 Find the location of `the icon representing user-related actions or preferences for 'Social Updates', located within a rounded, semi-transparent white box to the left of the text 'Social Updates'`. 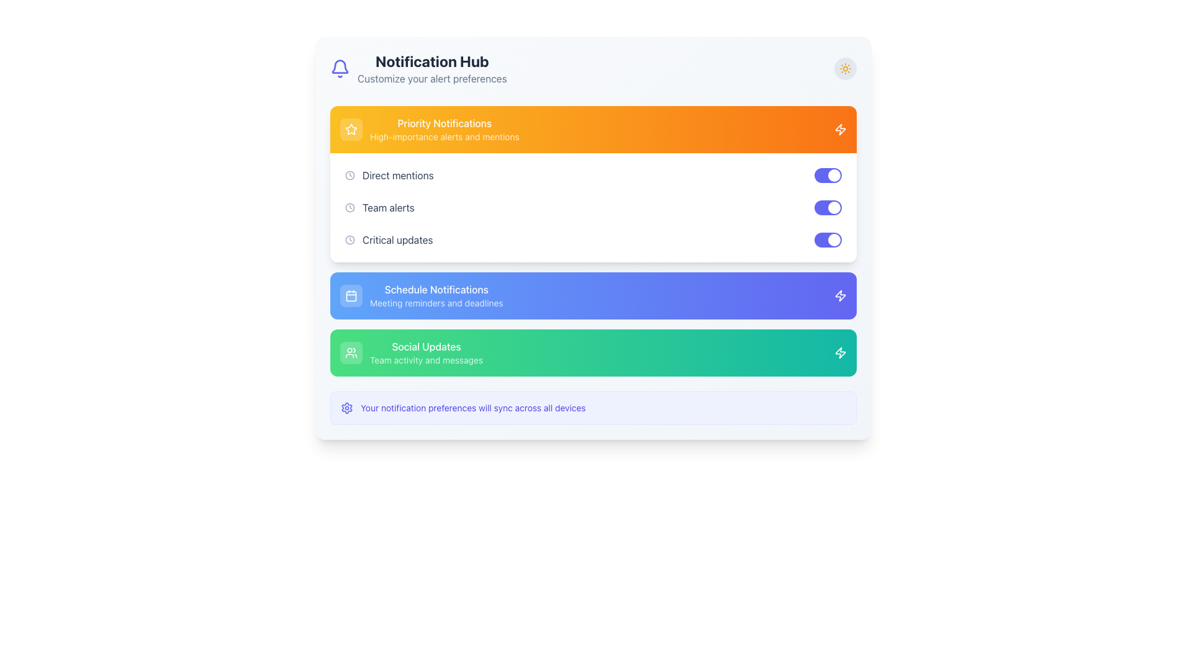

the icon representing user-related actions or preferences for 'Social Updates', located within a rounded, semi-transparent white box to the left of the text 'Social Updates' is located at coordinates (351, 353).